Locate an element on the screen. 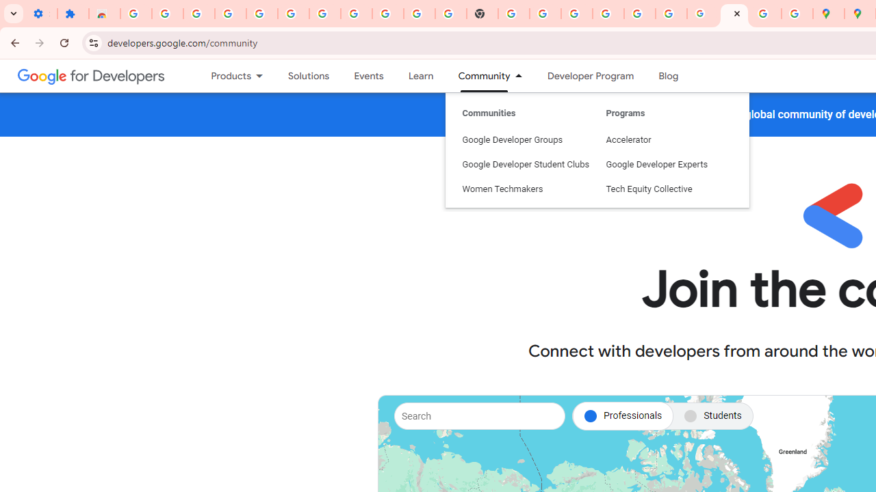  'Dropdown menu for Products' is located at coordinates (263, 76).